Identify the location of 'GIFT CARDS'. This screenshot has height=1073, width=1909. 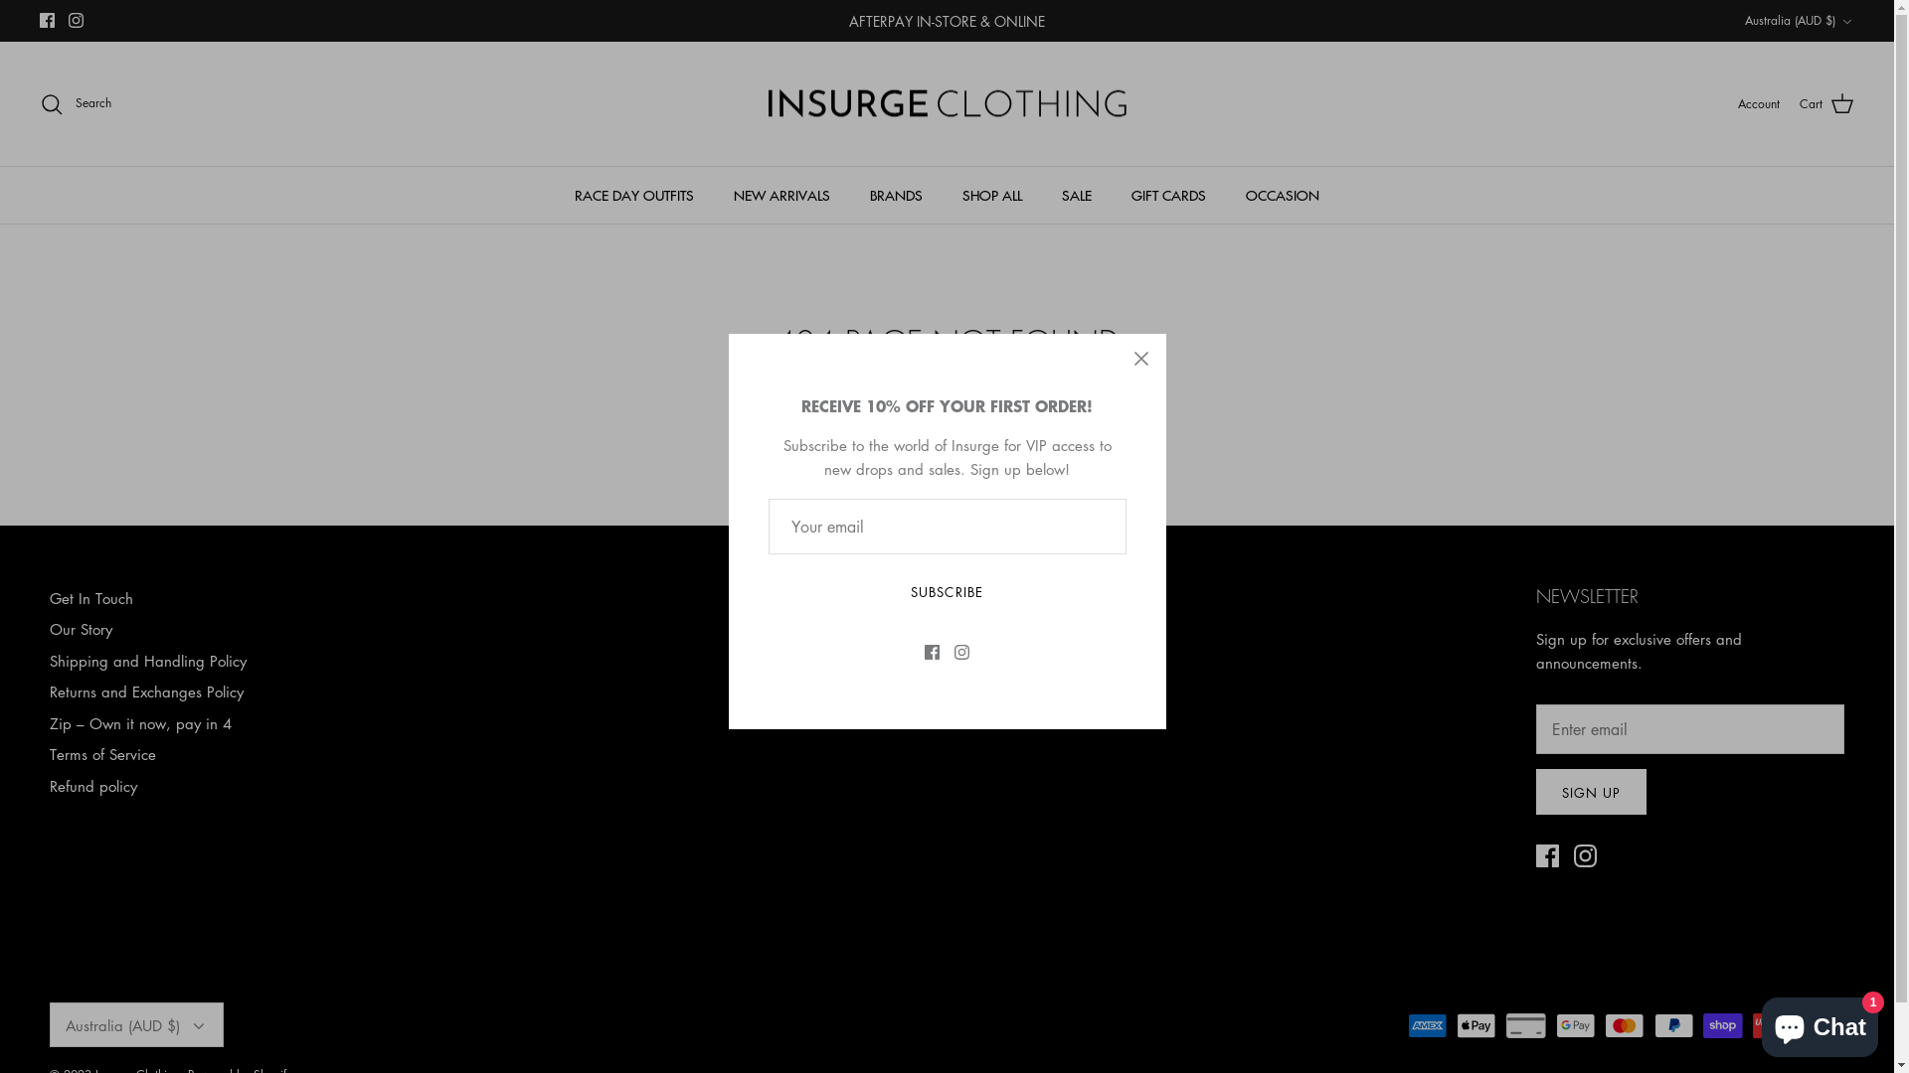
(1112, 195).